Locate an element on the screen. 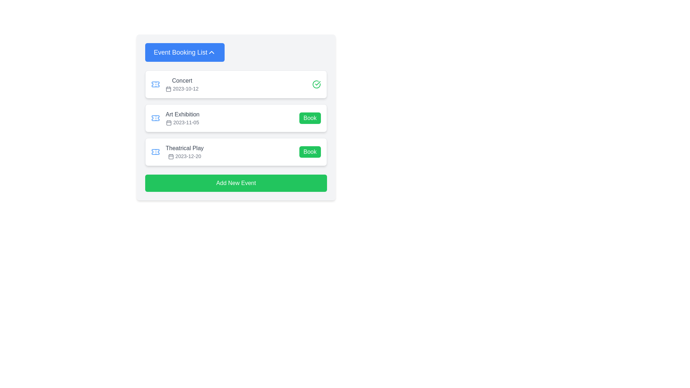 The image size is (690, 388). the non-interactive text display component that shows details about the 'Theatrical Play', located in the third row of the 'Event Booking List' card layout is located at coordinates (184, 152).